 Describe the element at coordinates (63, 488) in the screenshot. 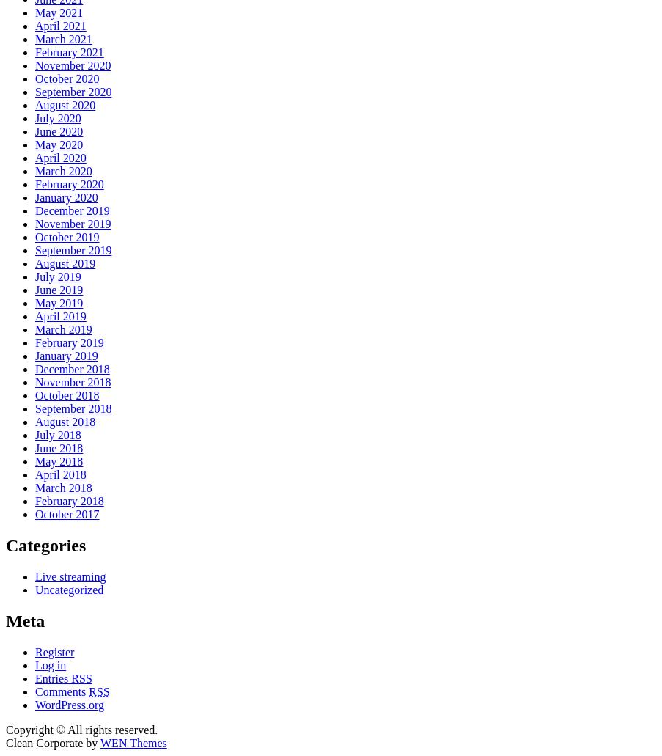

I see `'March 2018'` at that location.